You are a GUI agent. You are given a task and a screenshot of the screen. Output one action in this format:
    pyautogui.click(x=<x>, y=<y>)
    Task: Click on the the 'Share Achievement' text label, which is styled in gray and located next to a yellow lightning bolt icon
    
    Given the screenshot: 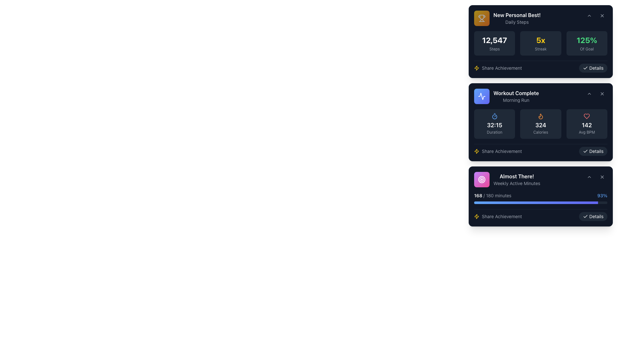 What is the action you would take?
    pyautogui.click(x=501, y=68)
    